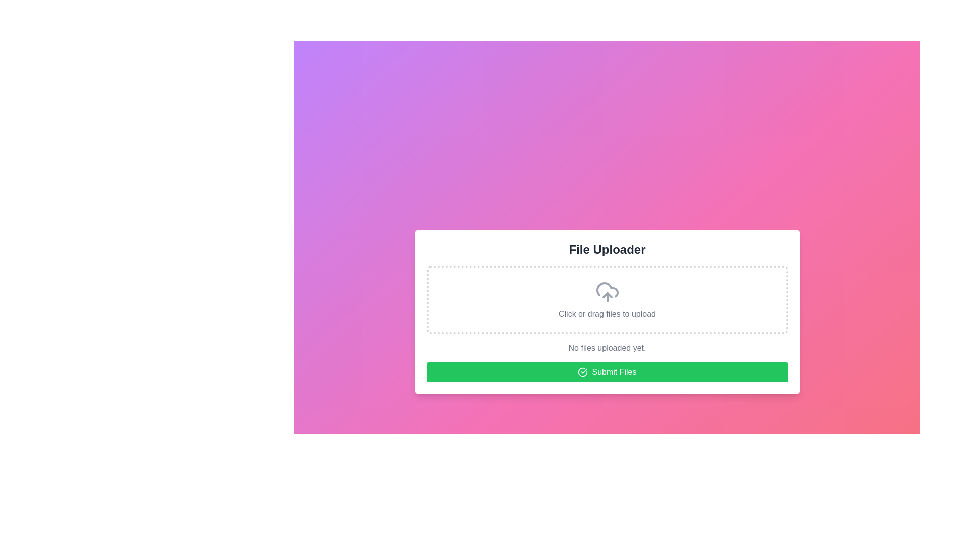 The width and height of the screenshot is (964, 542). What do you see at coordinates (583, 372) in the screenshot?
I see `the 'Submit Files' button, which features an SVG-based icon for confirming file submissions, located near the left edge of the button's green background` at bounding box center [583, 372].